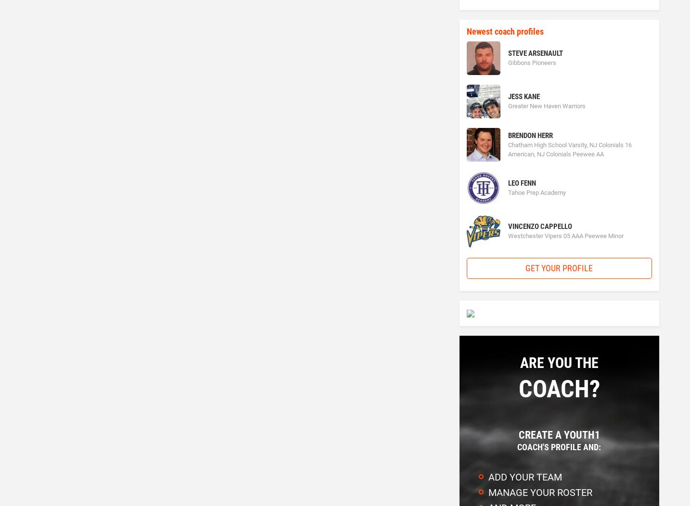 This screenshot has width=690, height=506. Describe the element at coordinates (507, 182) in the screenshot. I see `'Leo Fenn'` at that location.